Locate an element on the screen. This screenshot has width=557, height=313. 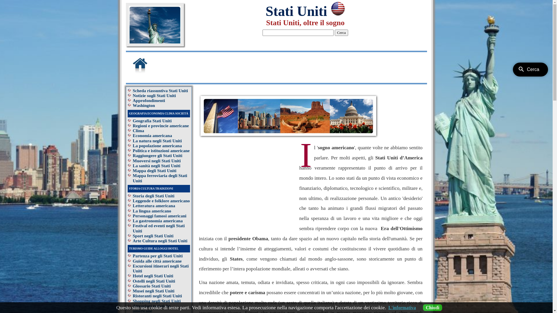
'Washington' is located at coordinates (144, 105).